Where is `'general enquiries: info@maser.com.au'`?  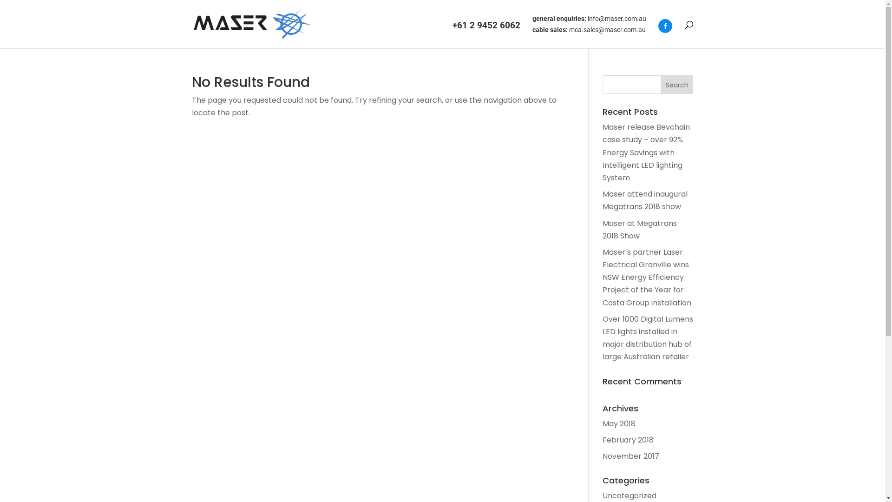
'general enquiries: info@maser.com.au' is located at coordinates (532, 21).